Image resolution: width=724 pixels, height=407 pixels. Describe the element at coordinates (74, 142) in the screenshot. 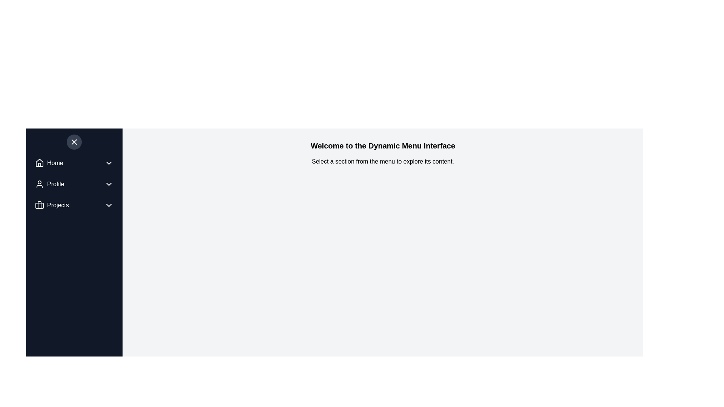

I see `the 'X' glyph icon located in the top-left corner of the interface inside a circular button` at that location.